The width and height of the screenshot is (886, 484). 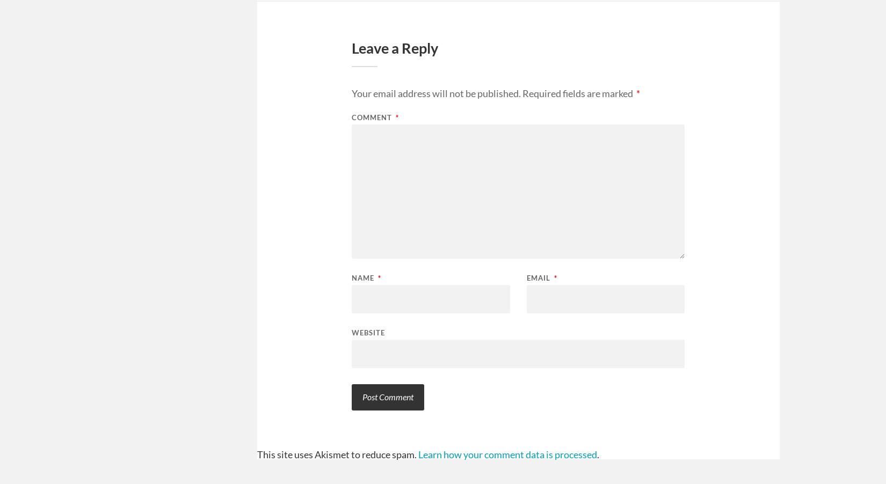 What do you see at coordinates (578, 92) in the screenshot?
I see `'Required fields are marked'` at bounding box center [578, 92].